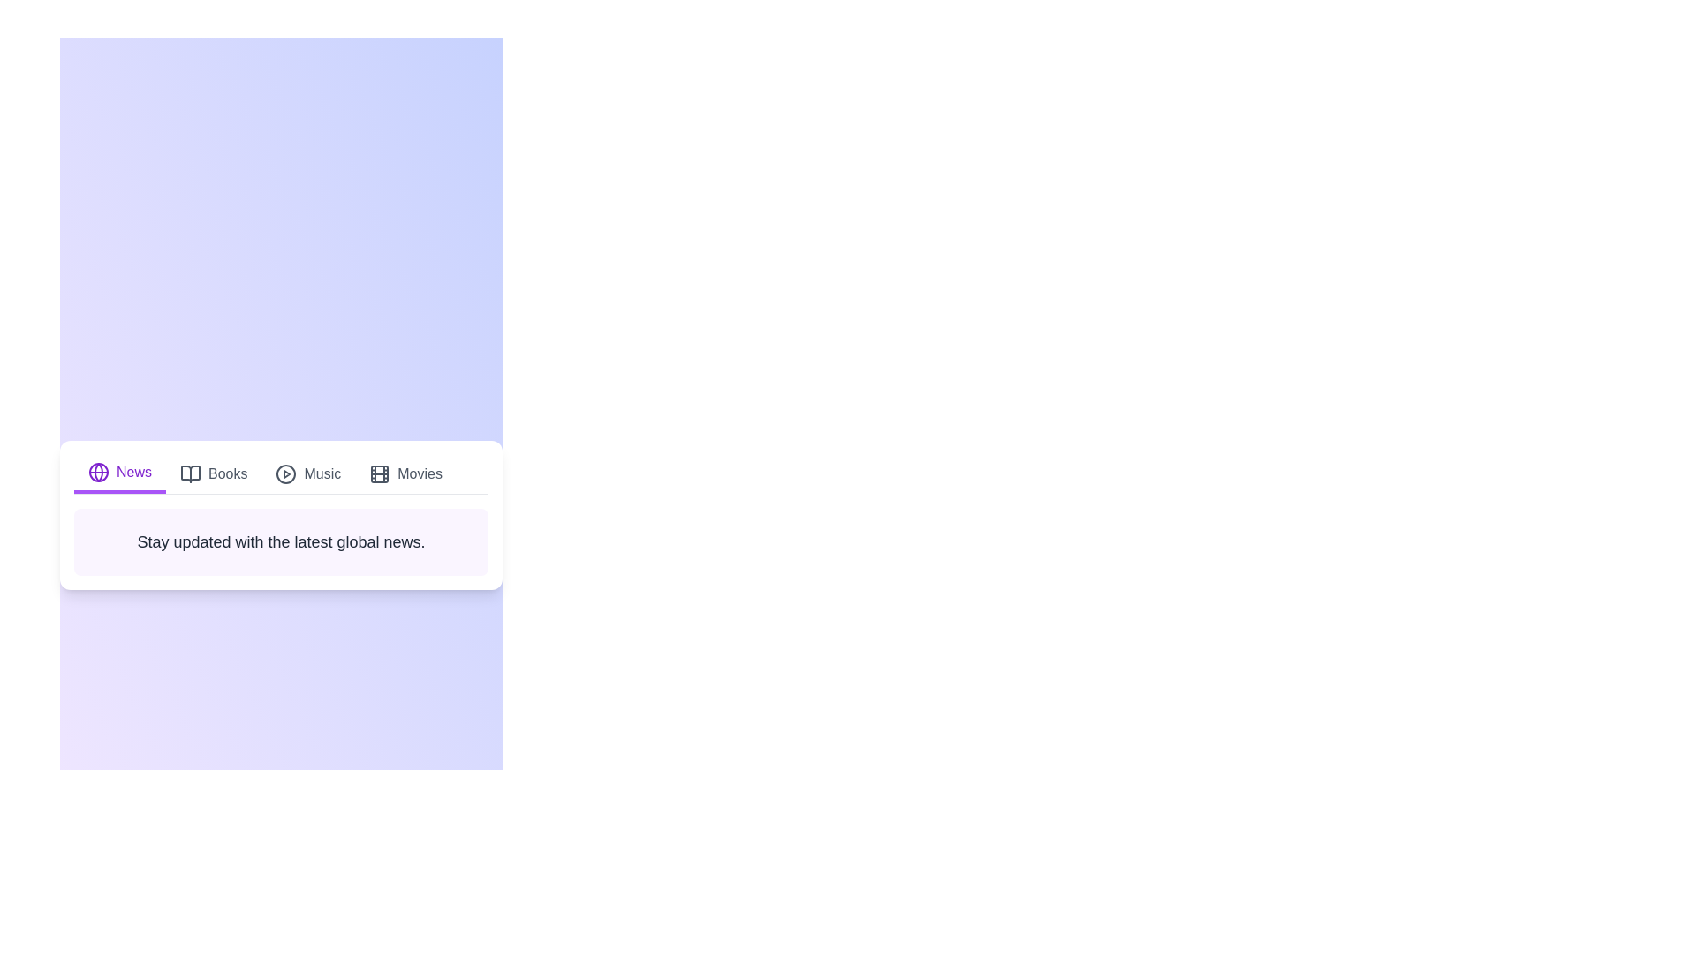  I want to click on the Music tab to view its content, so click(308, 473).